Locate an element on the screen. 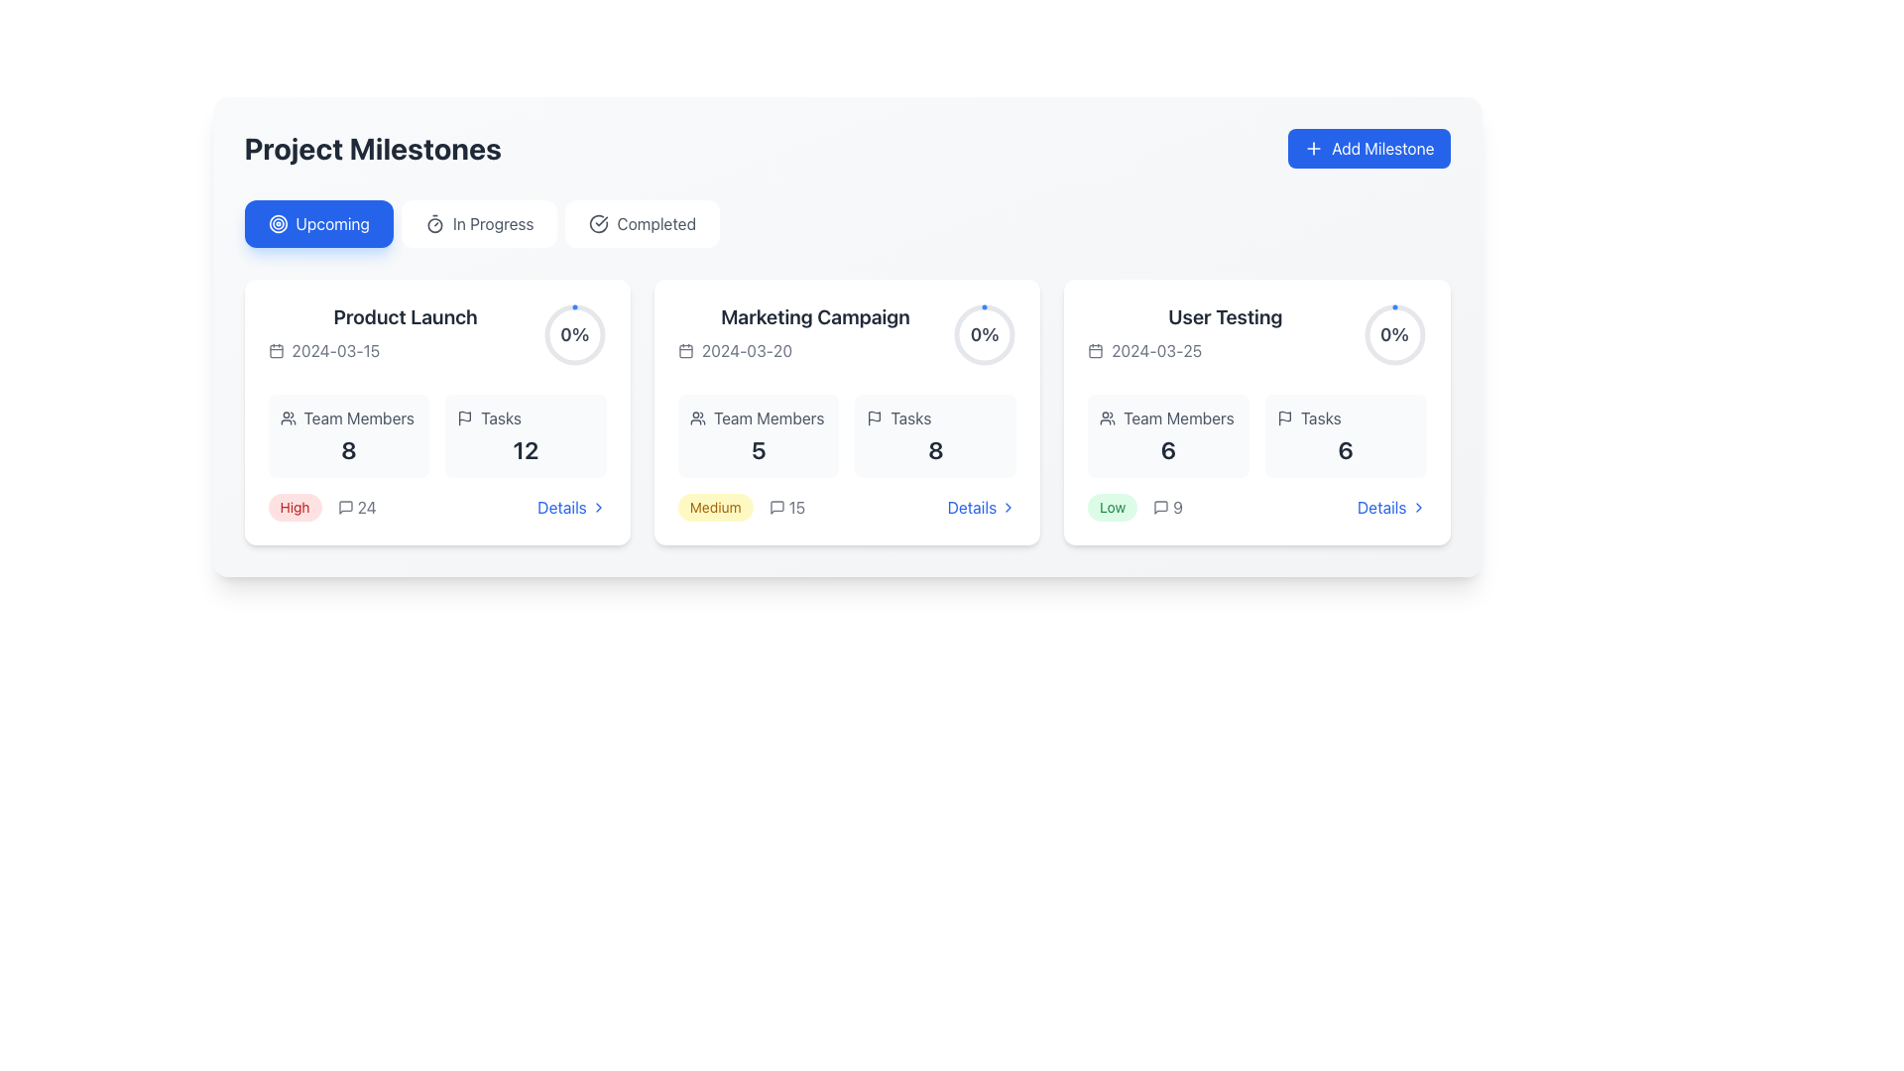 The width and height of the screenshot is (1904, 1071). the target-shaped icon with concentric circles, styled with a blue background and white circles, located to the left of the text 'Upcoming' is located at coordinates (277, 223).